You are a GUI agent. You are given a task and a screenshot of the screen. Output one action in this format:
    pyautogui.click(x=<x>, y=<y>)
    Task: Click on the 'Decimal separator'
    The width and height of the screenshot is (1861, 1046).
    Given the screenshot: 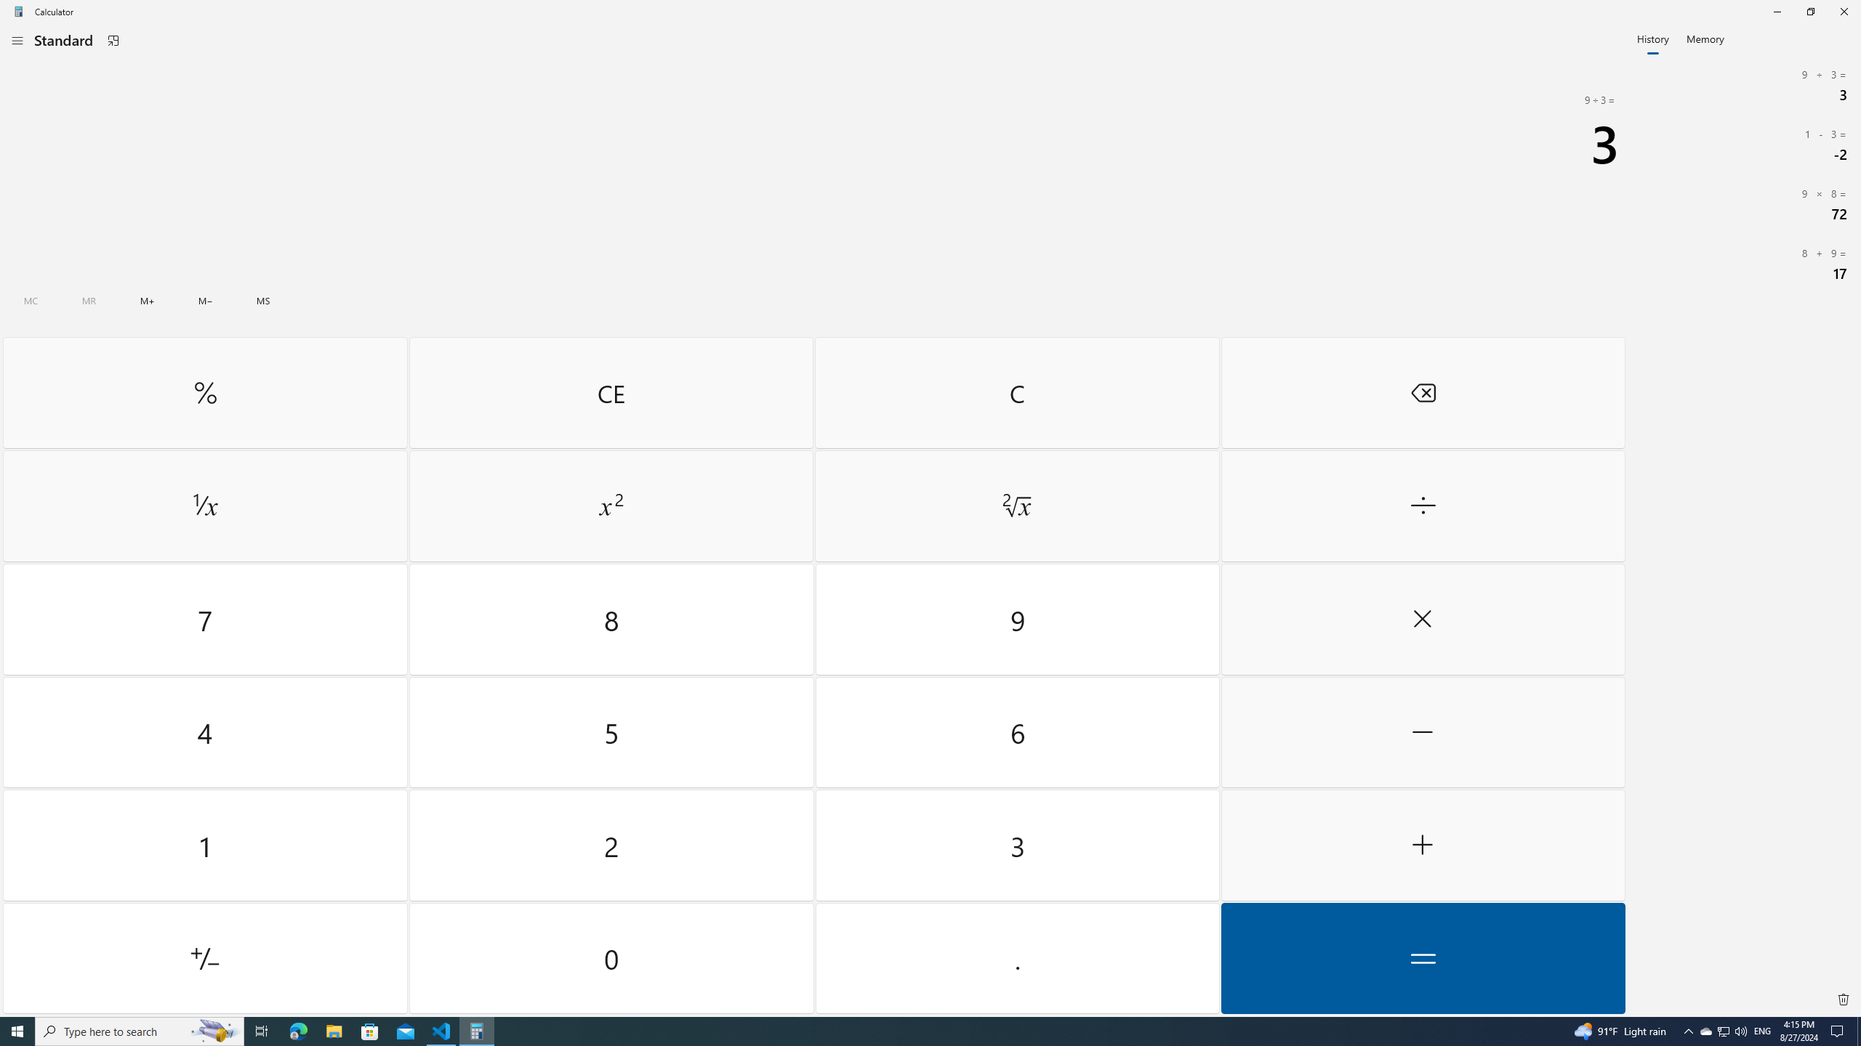 What is the action you would take?
    pyautogui.click(x=1016, y=957)
    